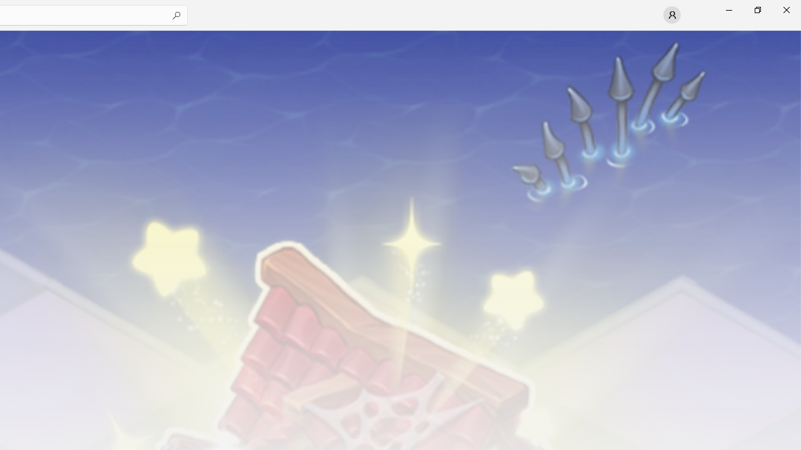 The width and height of the screenshot is (801, 450). Describe the element at coordinates (671, 15) in the screenshot. I see `'User profile'` at that location.